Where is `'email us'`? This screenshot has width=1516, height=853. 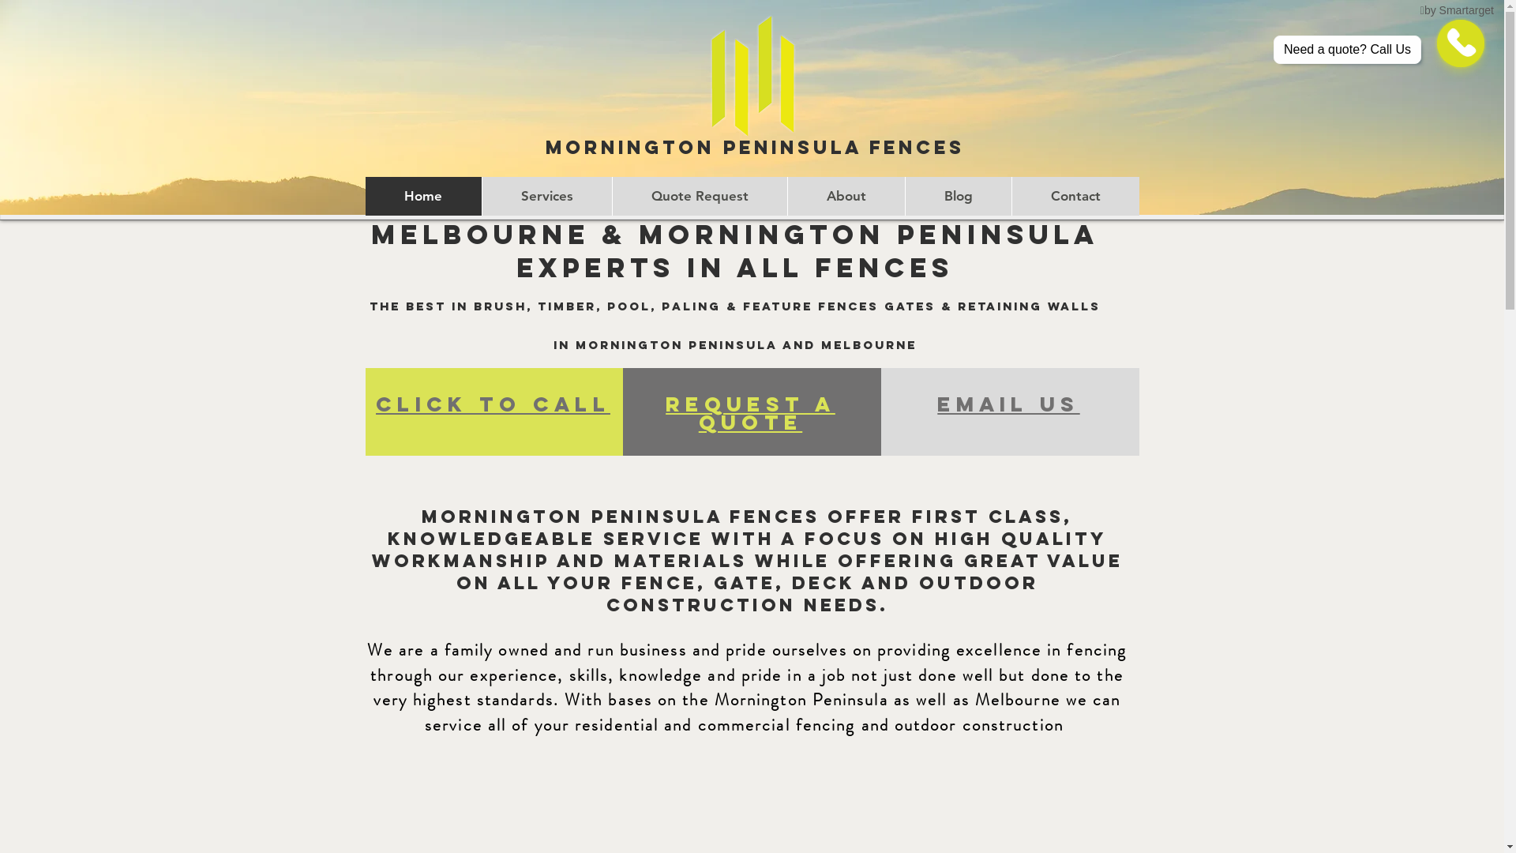 'email us' is located at coordinates (1007, 403).